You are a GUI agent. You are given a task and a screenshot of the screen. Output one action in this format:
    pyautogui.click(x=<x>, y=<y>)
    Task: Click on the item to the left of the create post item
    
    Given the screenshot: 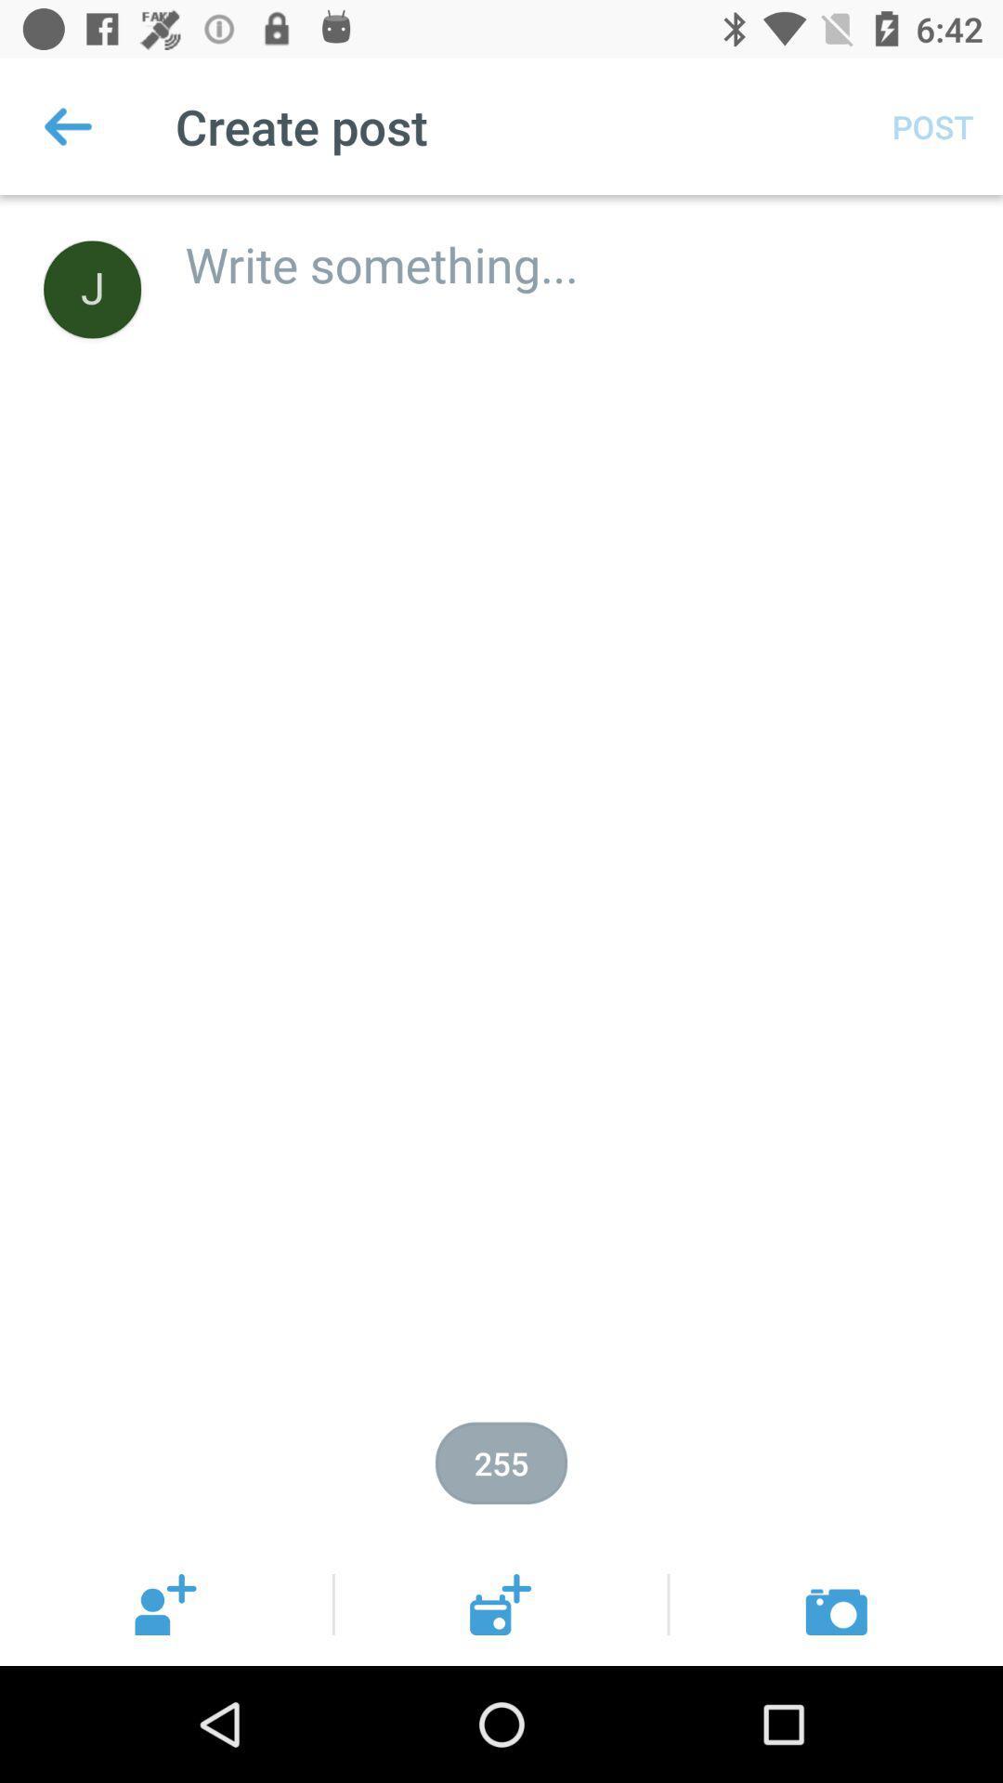 What is the action you would take?
    pyautogui.click(x=67, y=125)
    